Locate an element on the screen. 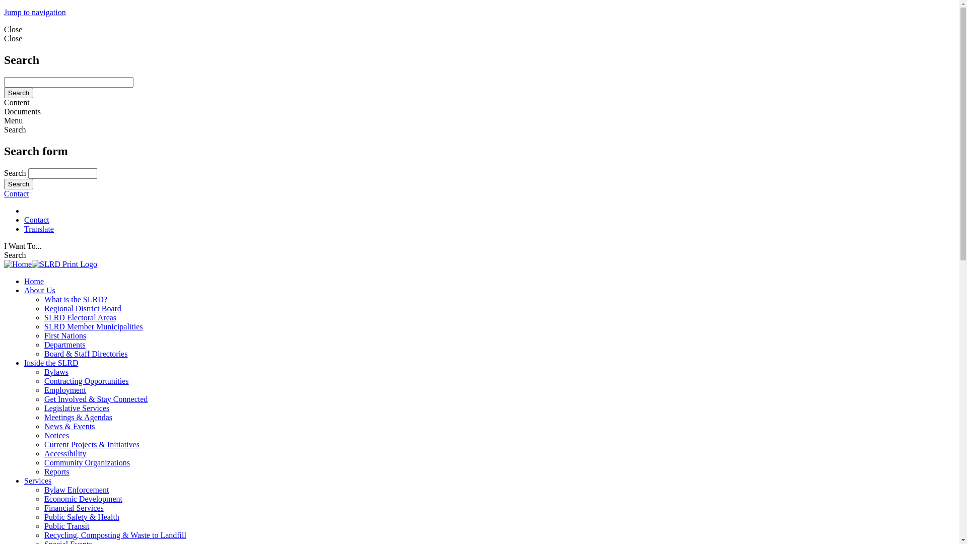 The height and width of the screenshot is (544, 967). 'Services' is located at coordinates (24, 480).